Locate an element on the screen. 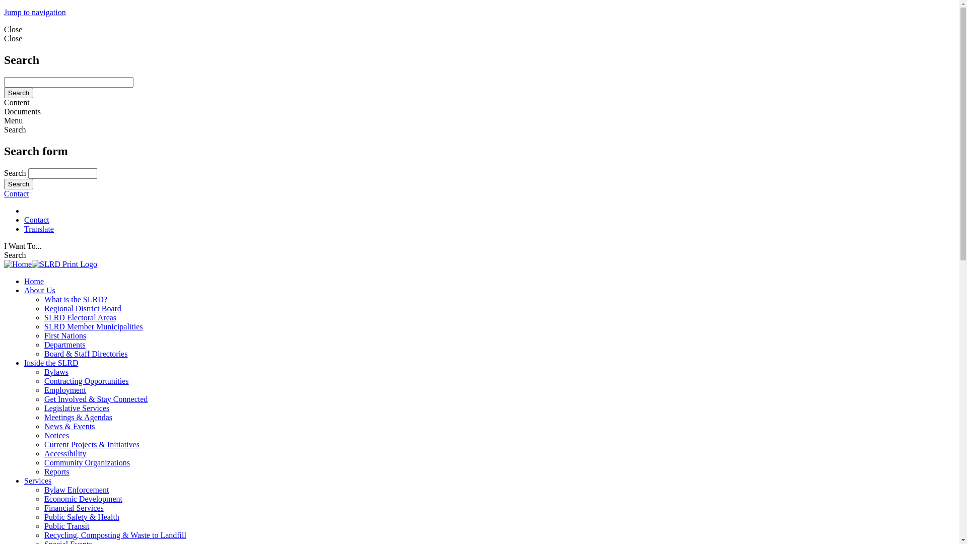 The height and width of the screenshot is (544, 967). 'Services' is located at coordinates (24, 480).